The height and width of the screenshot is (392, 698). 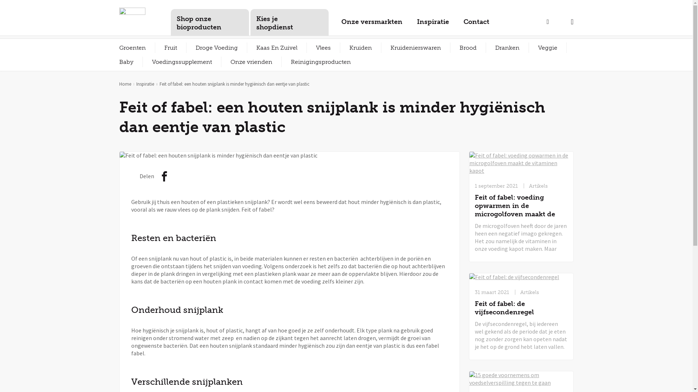 What do you see at coordinates (476, 24) in the screenshot?
I see `'Contact'` at bounding box center [476, 24].